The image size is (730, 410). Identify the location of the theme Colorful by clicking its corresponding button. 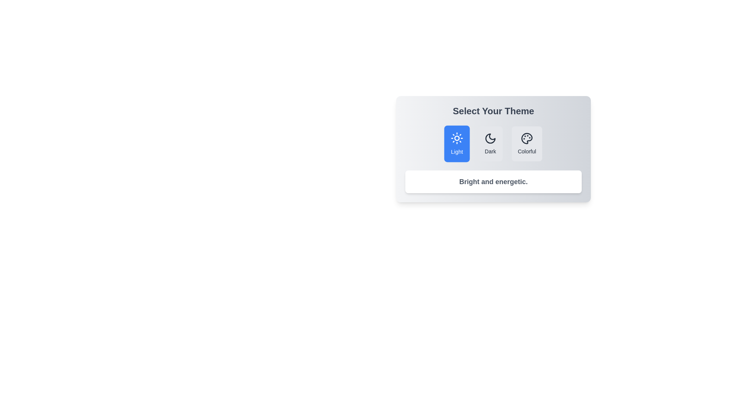
(527, 143).